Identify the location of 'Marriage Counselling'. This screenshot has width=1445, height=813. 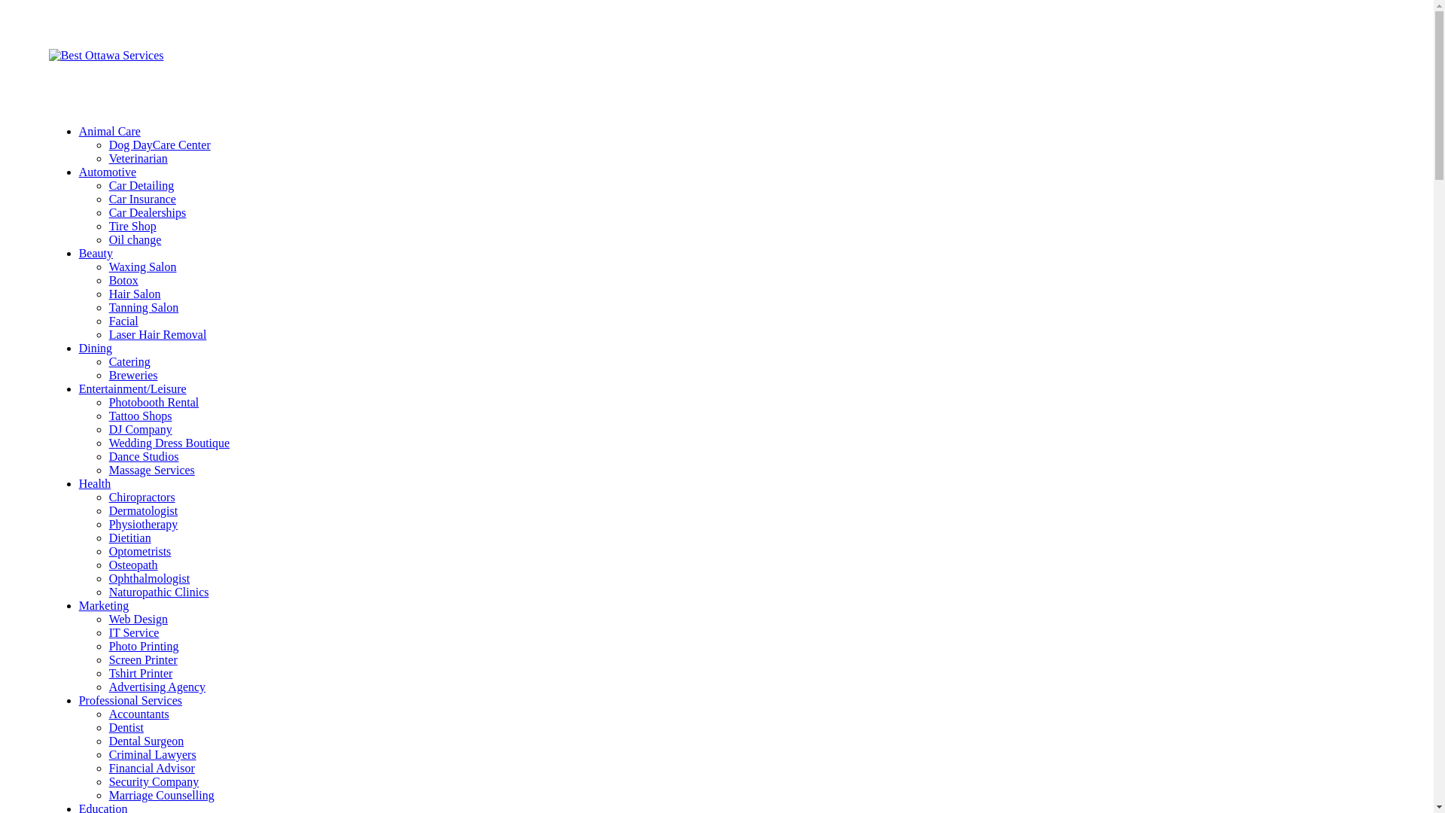
(162, 794).